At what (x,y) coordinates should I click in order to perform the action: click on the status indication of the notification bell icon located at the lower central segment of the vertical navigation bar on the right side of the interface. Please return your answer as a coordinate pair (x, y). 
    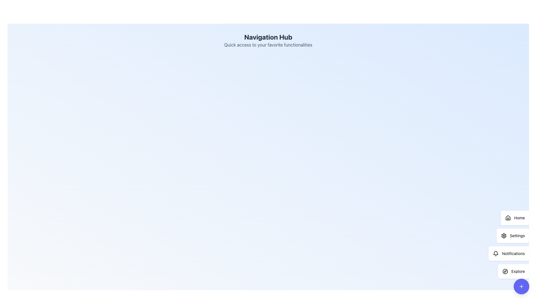
    Looking at the image, I should click on (496, 253).